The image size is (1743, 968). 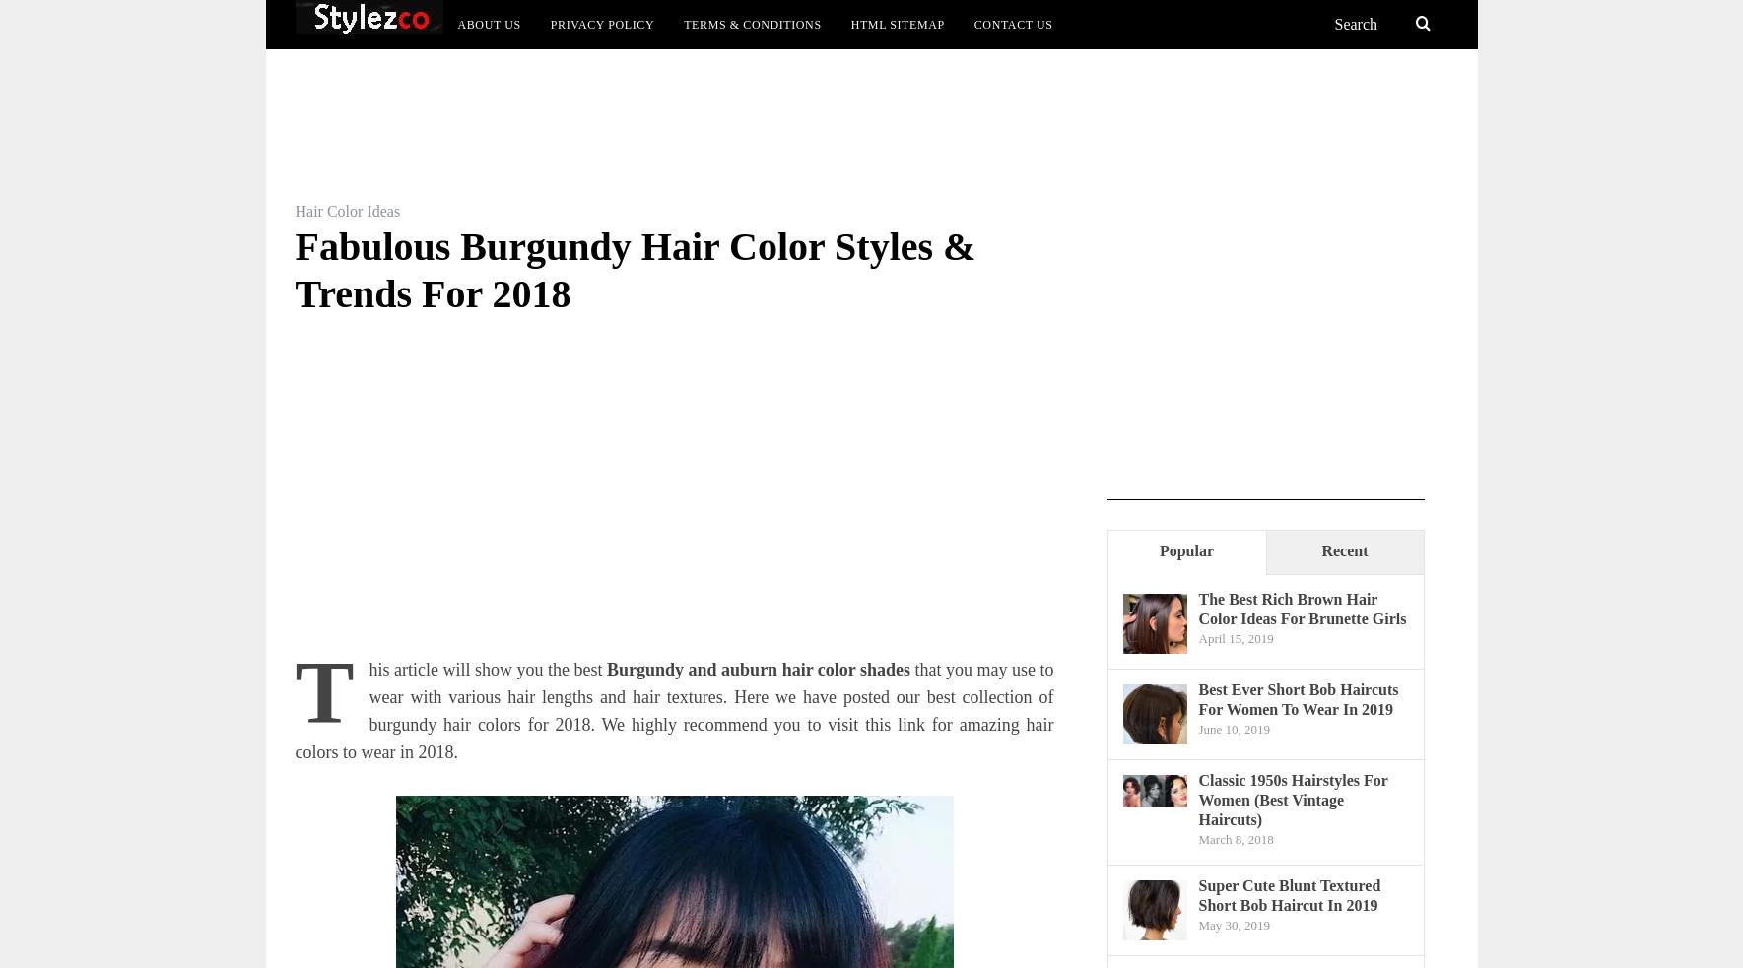 I want to click on 'Top List', so click(x=1322, y=78).